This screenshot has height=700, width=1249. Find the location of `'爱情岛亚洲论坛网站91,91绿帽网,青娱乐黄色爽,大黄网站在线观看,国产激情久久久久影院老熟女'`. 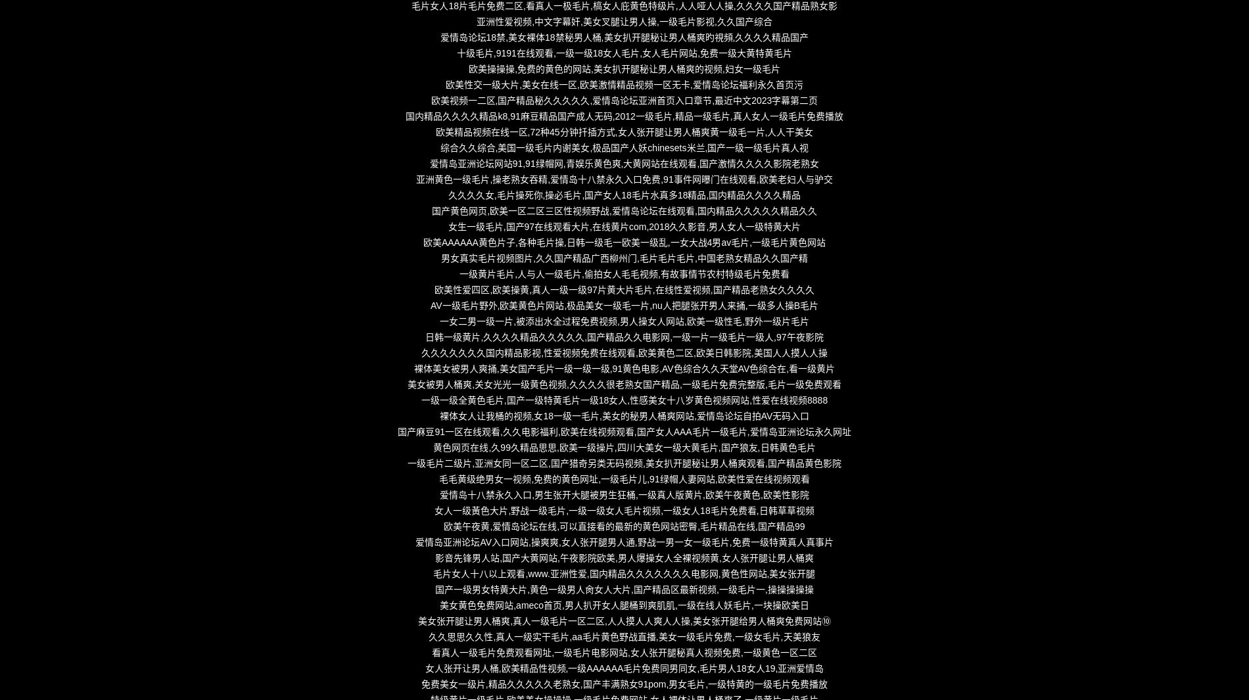

'爱情岛亚洲论坛网站91,91绿帽网,青娱乐黄色爽,大黄网站在线观看,国产激情久久久久影院老熟女' is located at coordinates (623, 162).